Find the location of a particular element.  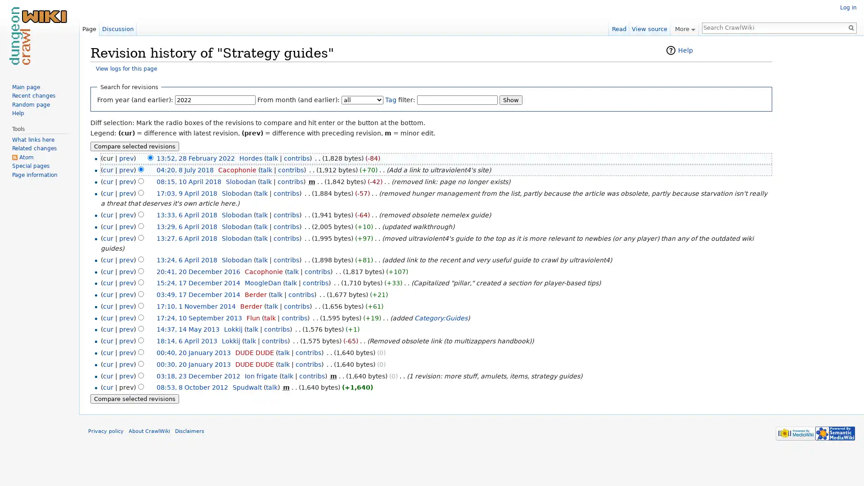

Show is located at coordinates (511, 99).